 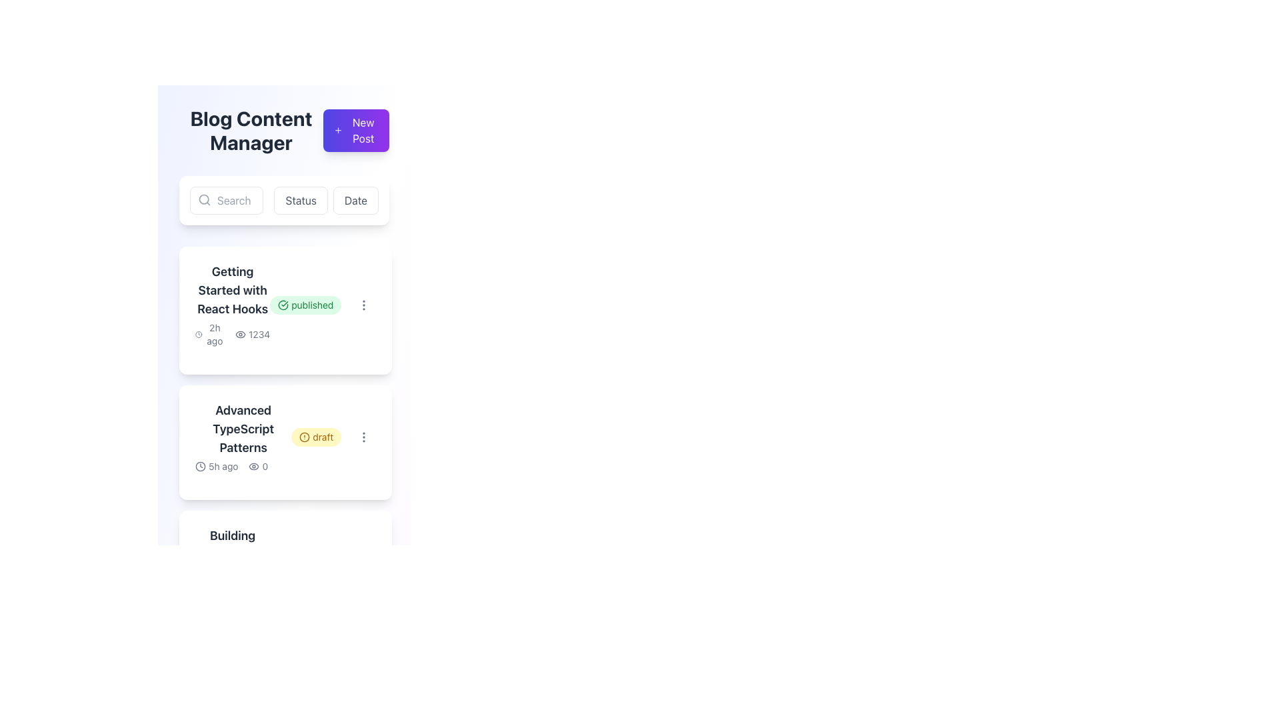 What do you see at coordinates (304, 437) in the screenshot?
I see `the circular yellow icon with an exclamation mark inside, located to the right of the title 'Advanced TypeScript Patterns' in the second item of the vertical list labeled 'draft'` at bounding box center [304, 437].